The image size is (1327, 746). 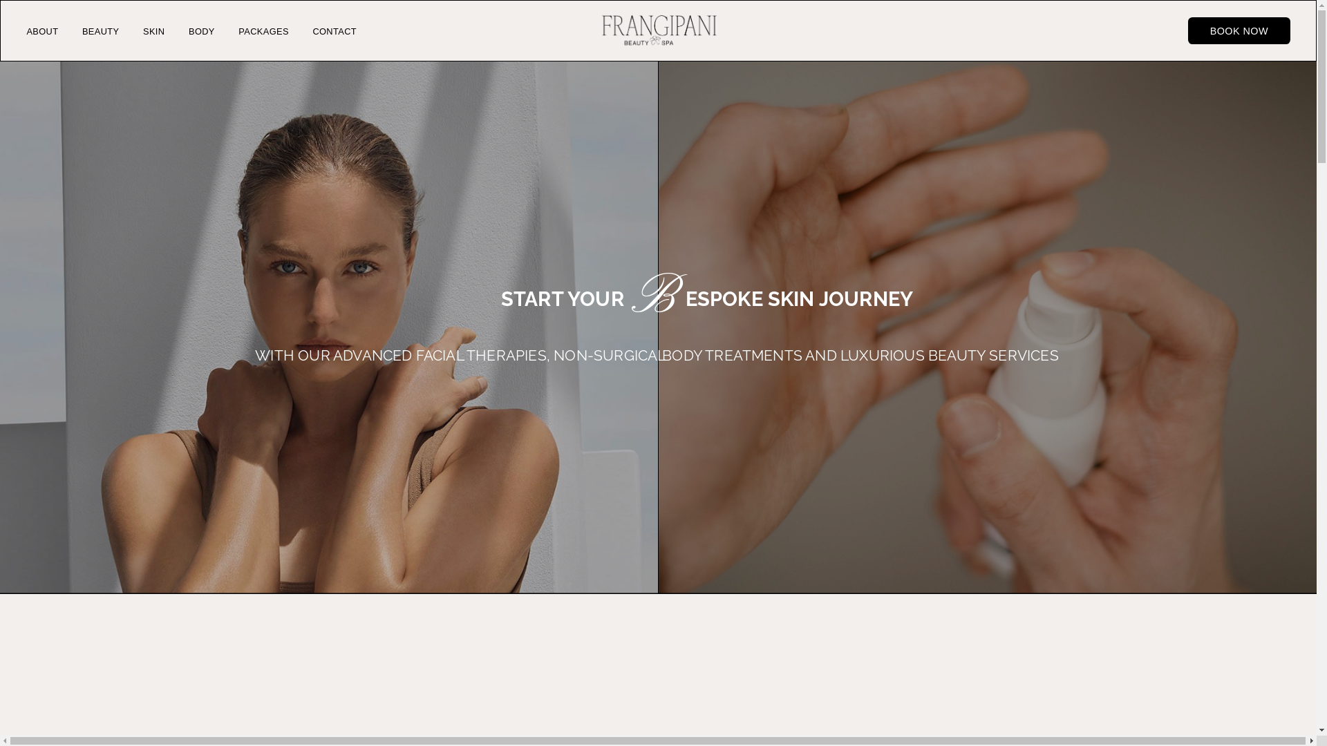 What do you see at coordinates (263, 31) in the screenshot?
I see `'PACKAGES'` at bounding box center [263, 31].